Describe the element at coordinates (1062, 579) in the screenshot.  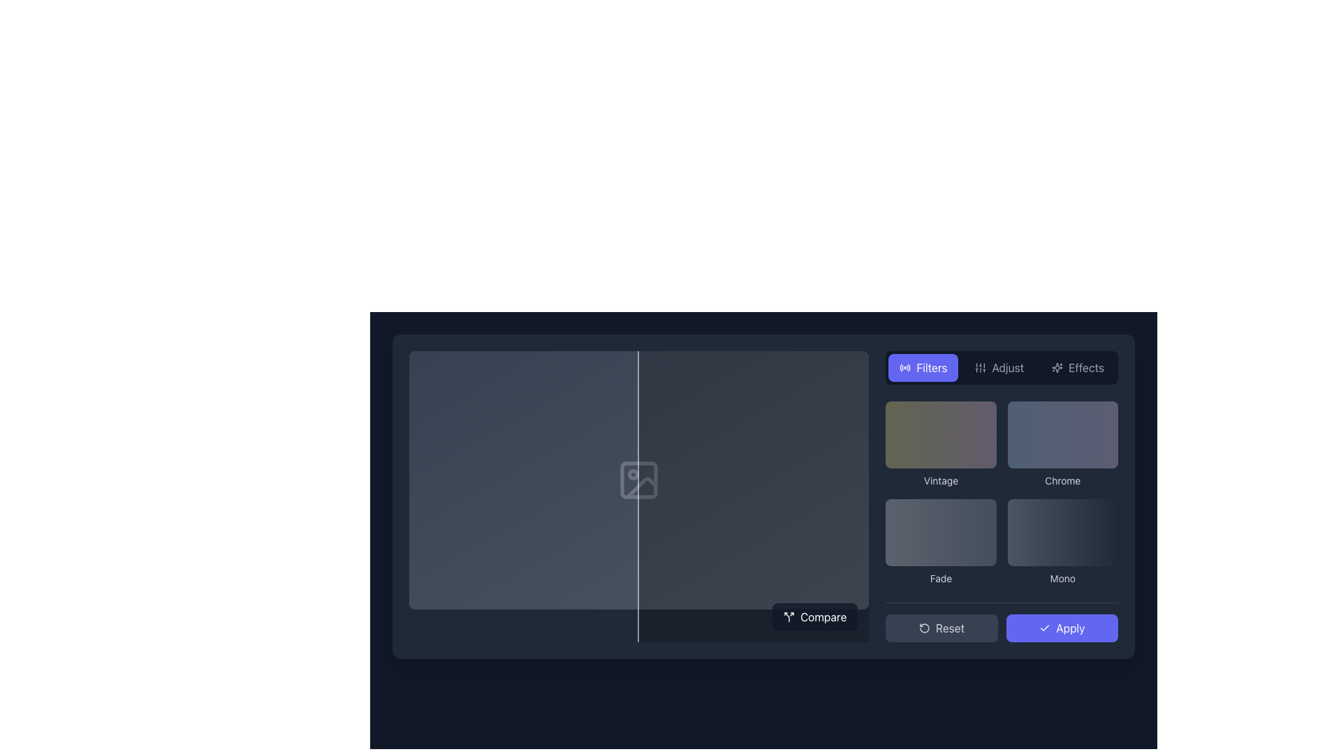
I see `the text label containing the word 'Mono', which is styled with a light gray color and centered alignment beneath a gradient-styled rectangular element` at that location.